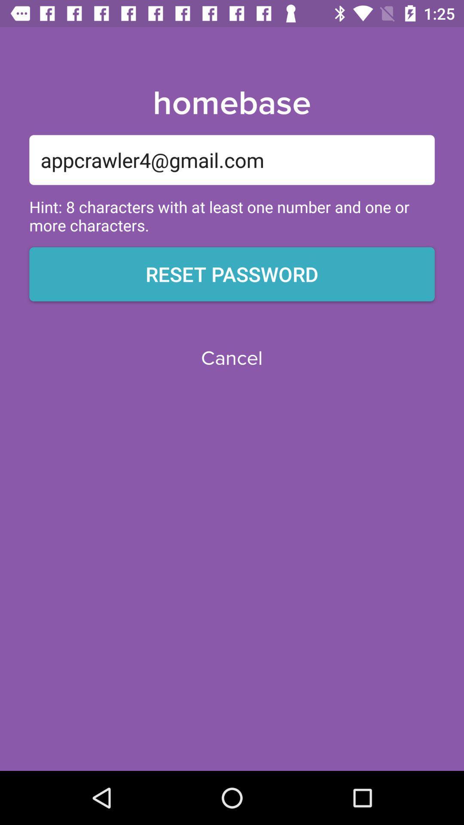  What do you see at coordinates (231, 358) in the screenshot?
I see `the item below reset password icon` at bounding box center [231, 358].